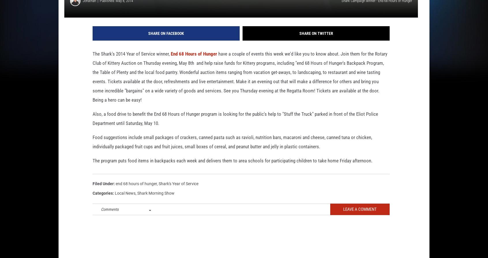 This screenshot has width=488, height=258. What do you see at coordinates (278, 63) in the screenshot?
I see `'have a couple of events this week we'd like you to know about.'` at bounding box center [278, 63].